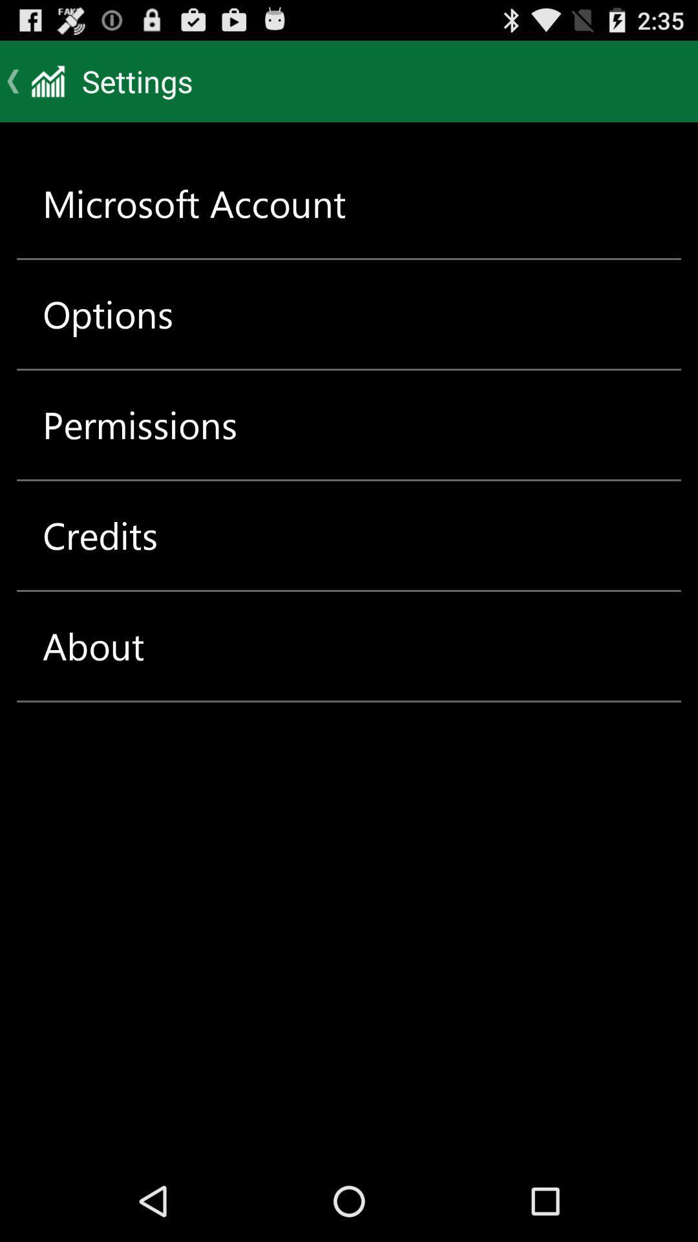  Describe the element at coordinates (140, 425) in the screenshot. I see `item above the credits icon` at that location.